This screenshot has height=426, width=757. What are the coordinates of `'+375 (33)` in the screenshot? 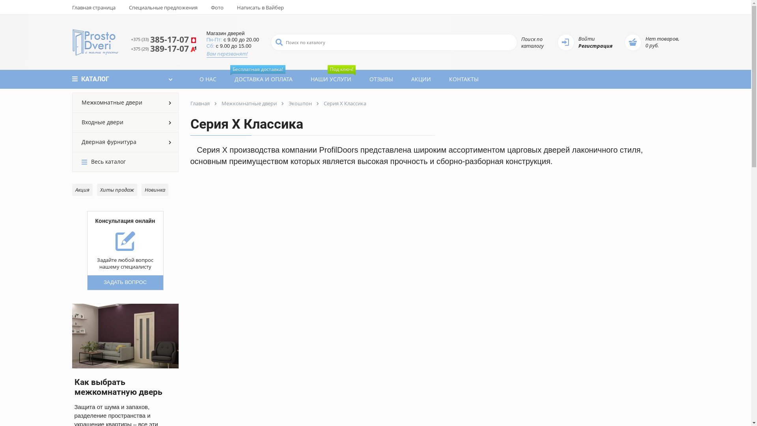 It's located at (163, 39).